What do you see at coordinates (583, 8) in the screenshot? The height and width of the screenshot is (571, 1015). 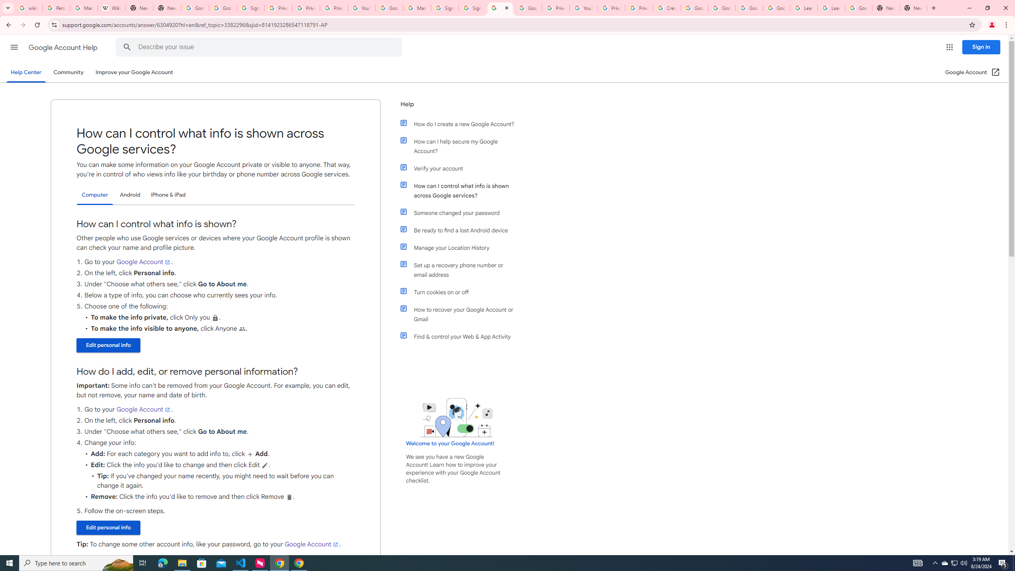 I see `'YouTube'` at bounding box center [583, 8].